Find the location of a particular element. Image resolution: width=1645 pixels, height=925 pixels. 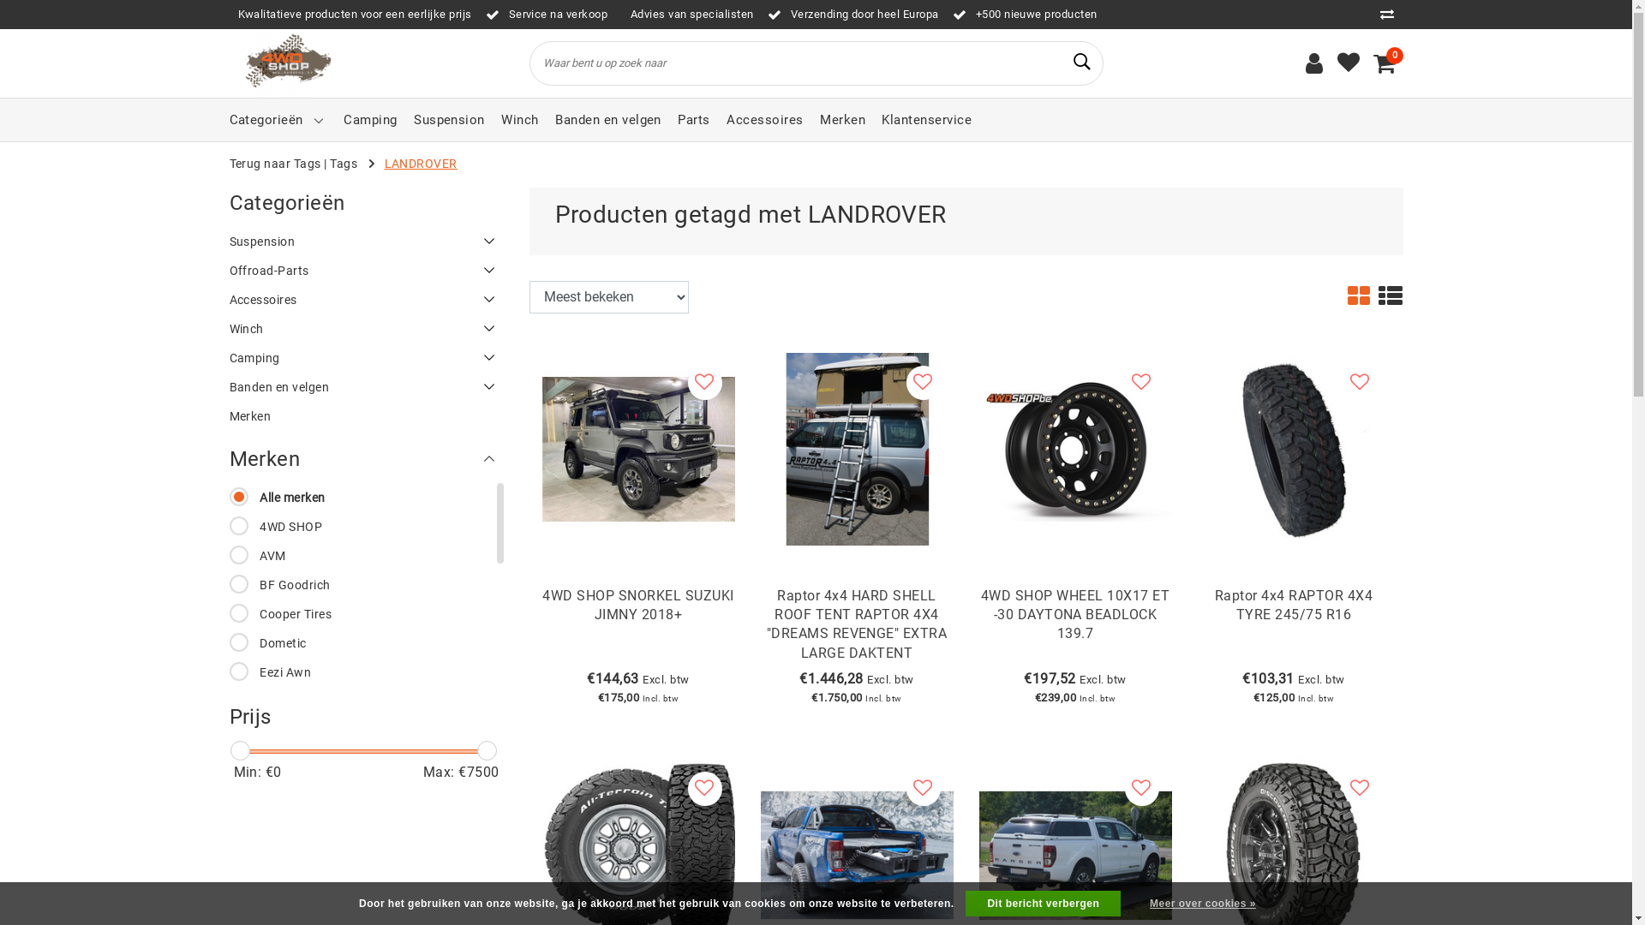

'Banden en velgen' is located at coordinates (365, 386).